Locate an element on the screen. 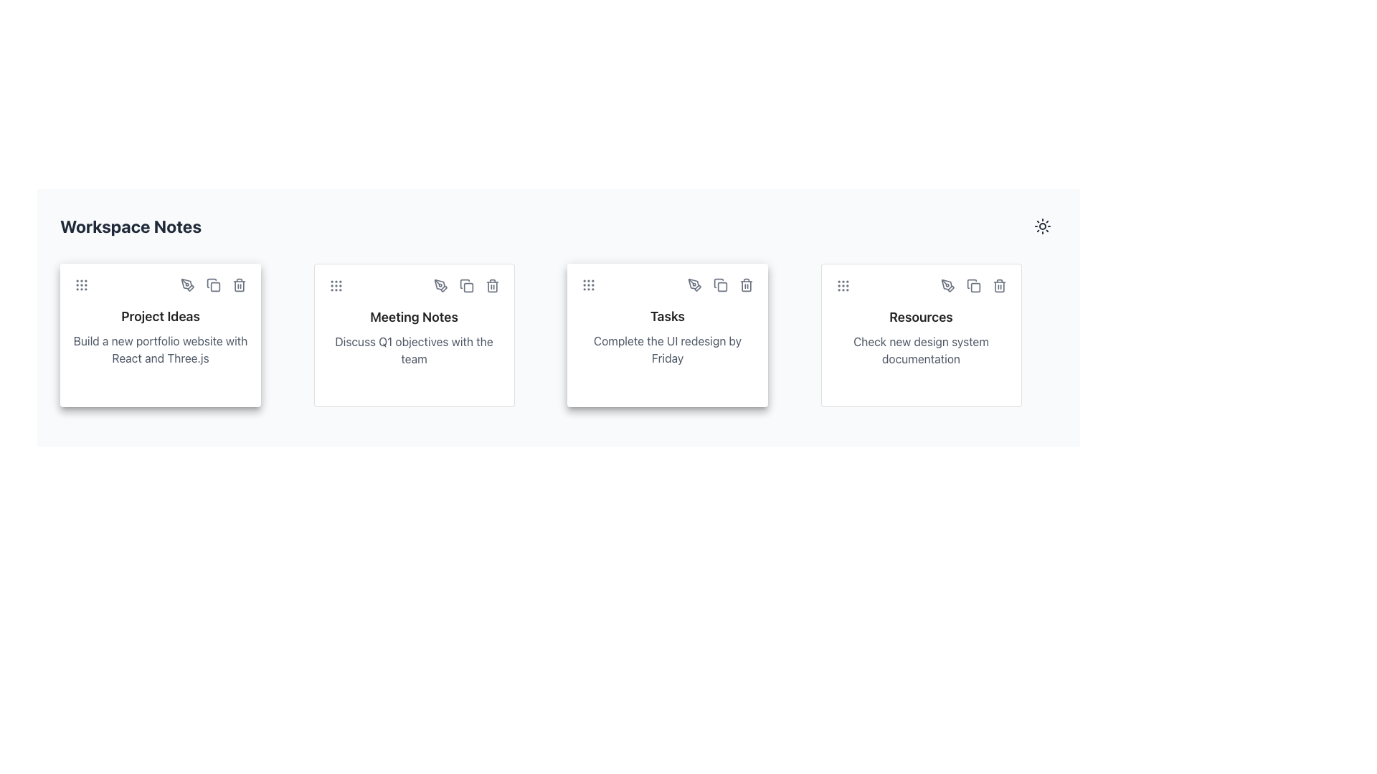 The width and height of the screenshot is (1377, 774). static informational text label located at the bottom of the 'Resources' block, which serves to describe the block's title is located at coordinates (921, 350).